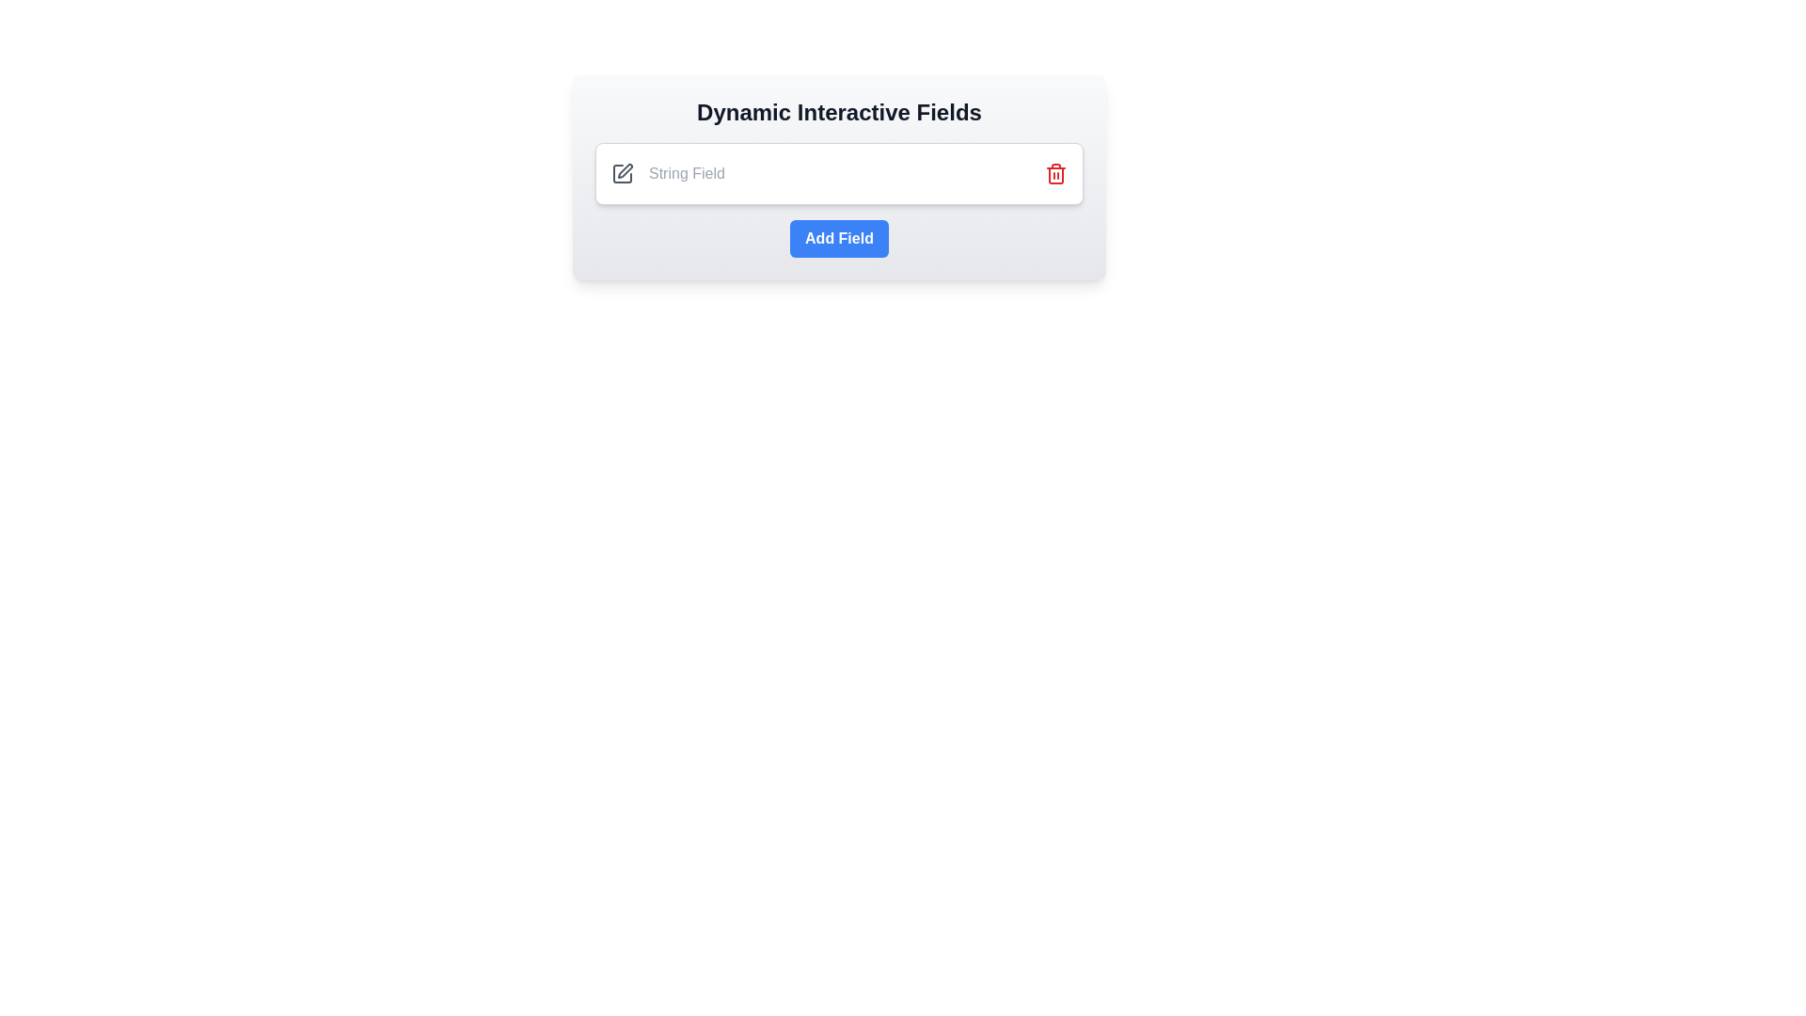 This screenshot has height=1016, width=1806. Describe the element at coordinates (623, 174) in the screenshot. I see `the gray square icon with a pen overlay, located to the left of the 'String Field' text input within the white card component` at that location.